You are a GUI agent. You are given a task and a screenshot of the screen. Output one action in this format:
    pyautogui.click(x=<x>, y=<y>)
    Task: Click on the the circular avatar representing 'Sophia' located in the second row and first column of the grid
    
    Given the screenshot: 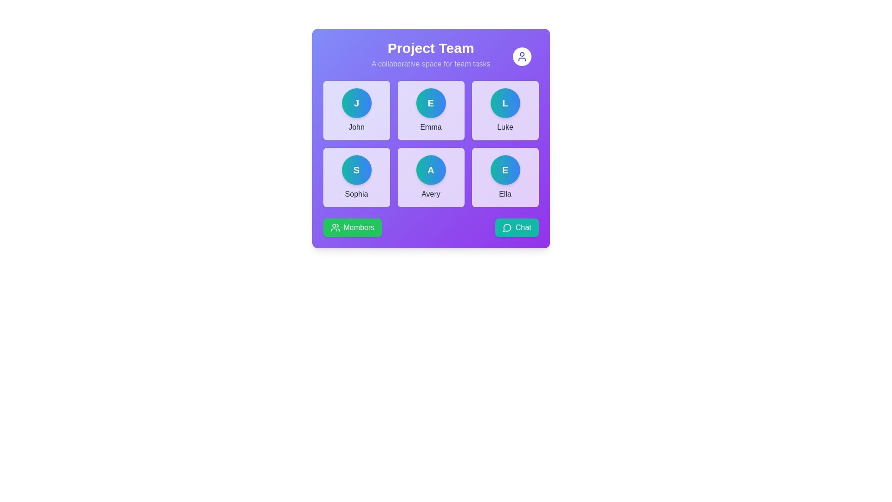 What is the action you would take?
    pyautogui.click(x=356, y=170)
    